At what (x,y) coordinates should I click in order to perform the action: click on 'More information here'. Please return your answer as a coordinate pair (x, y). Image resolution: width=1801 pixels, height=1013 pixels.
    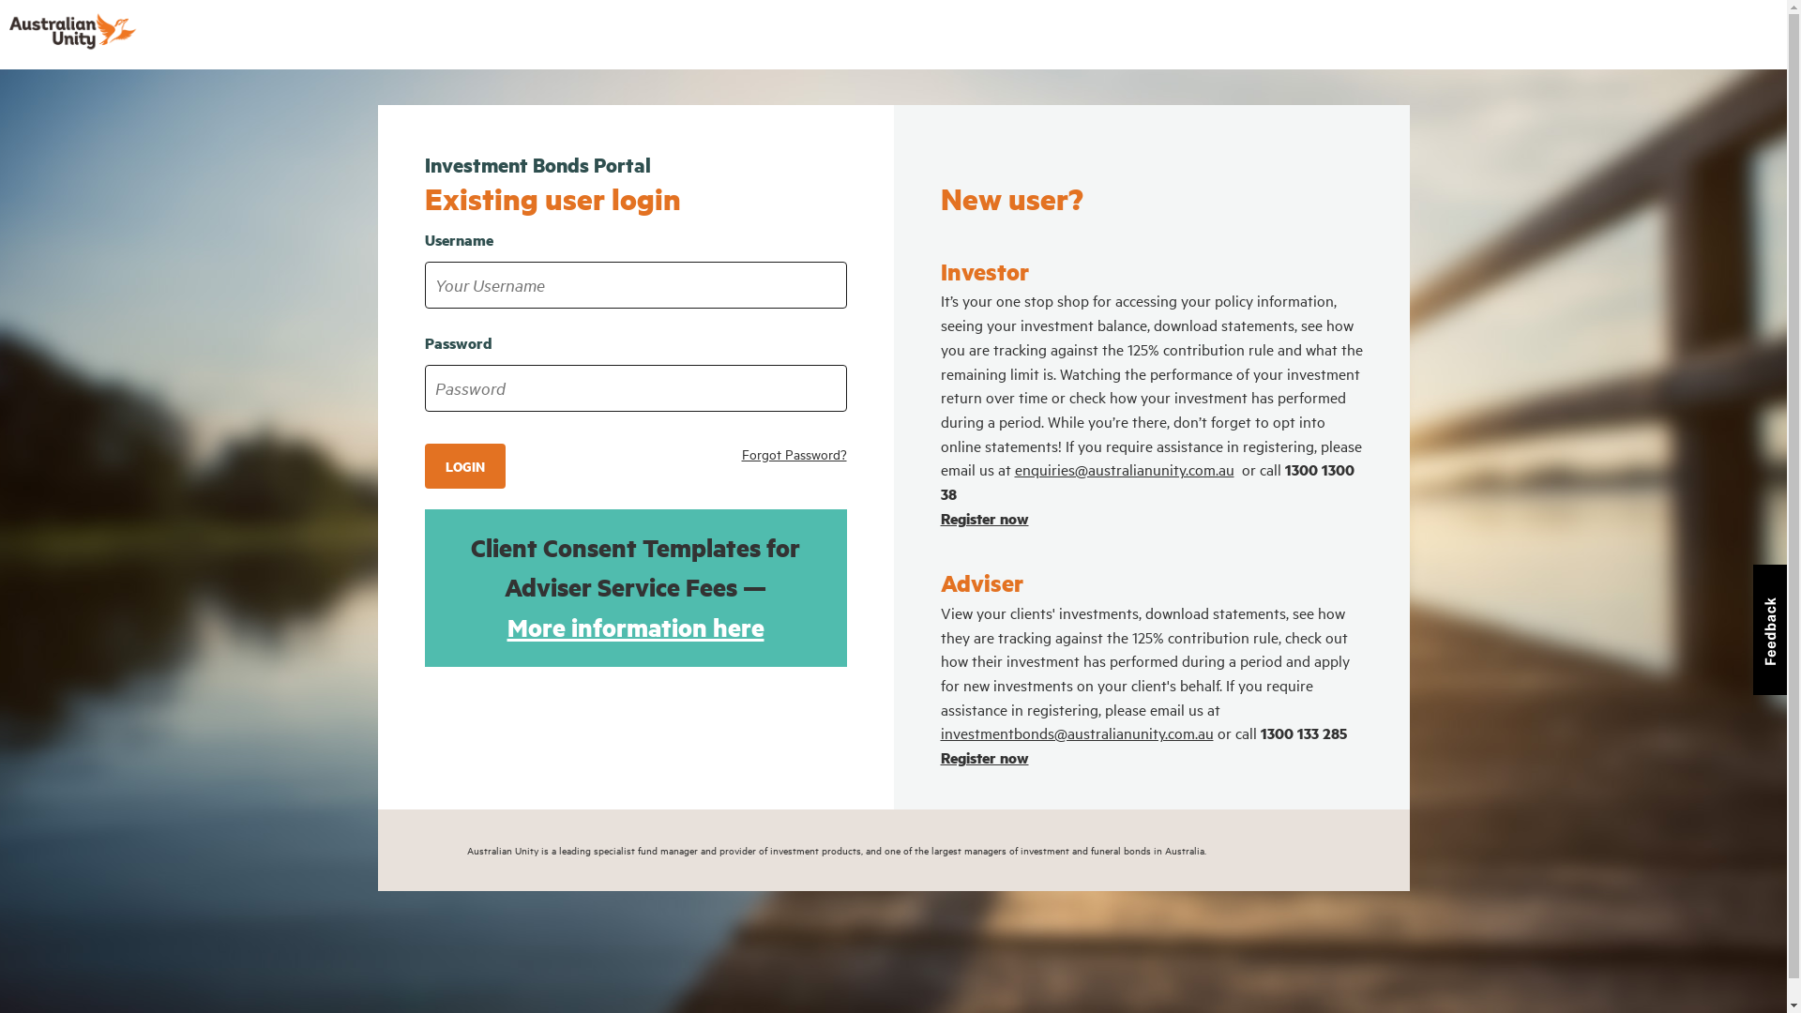
    Looking at the image, I should click on (634, 627).